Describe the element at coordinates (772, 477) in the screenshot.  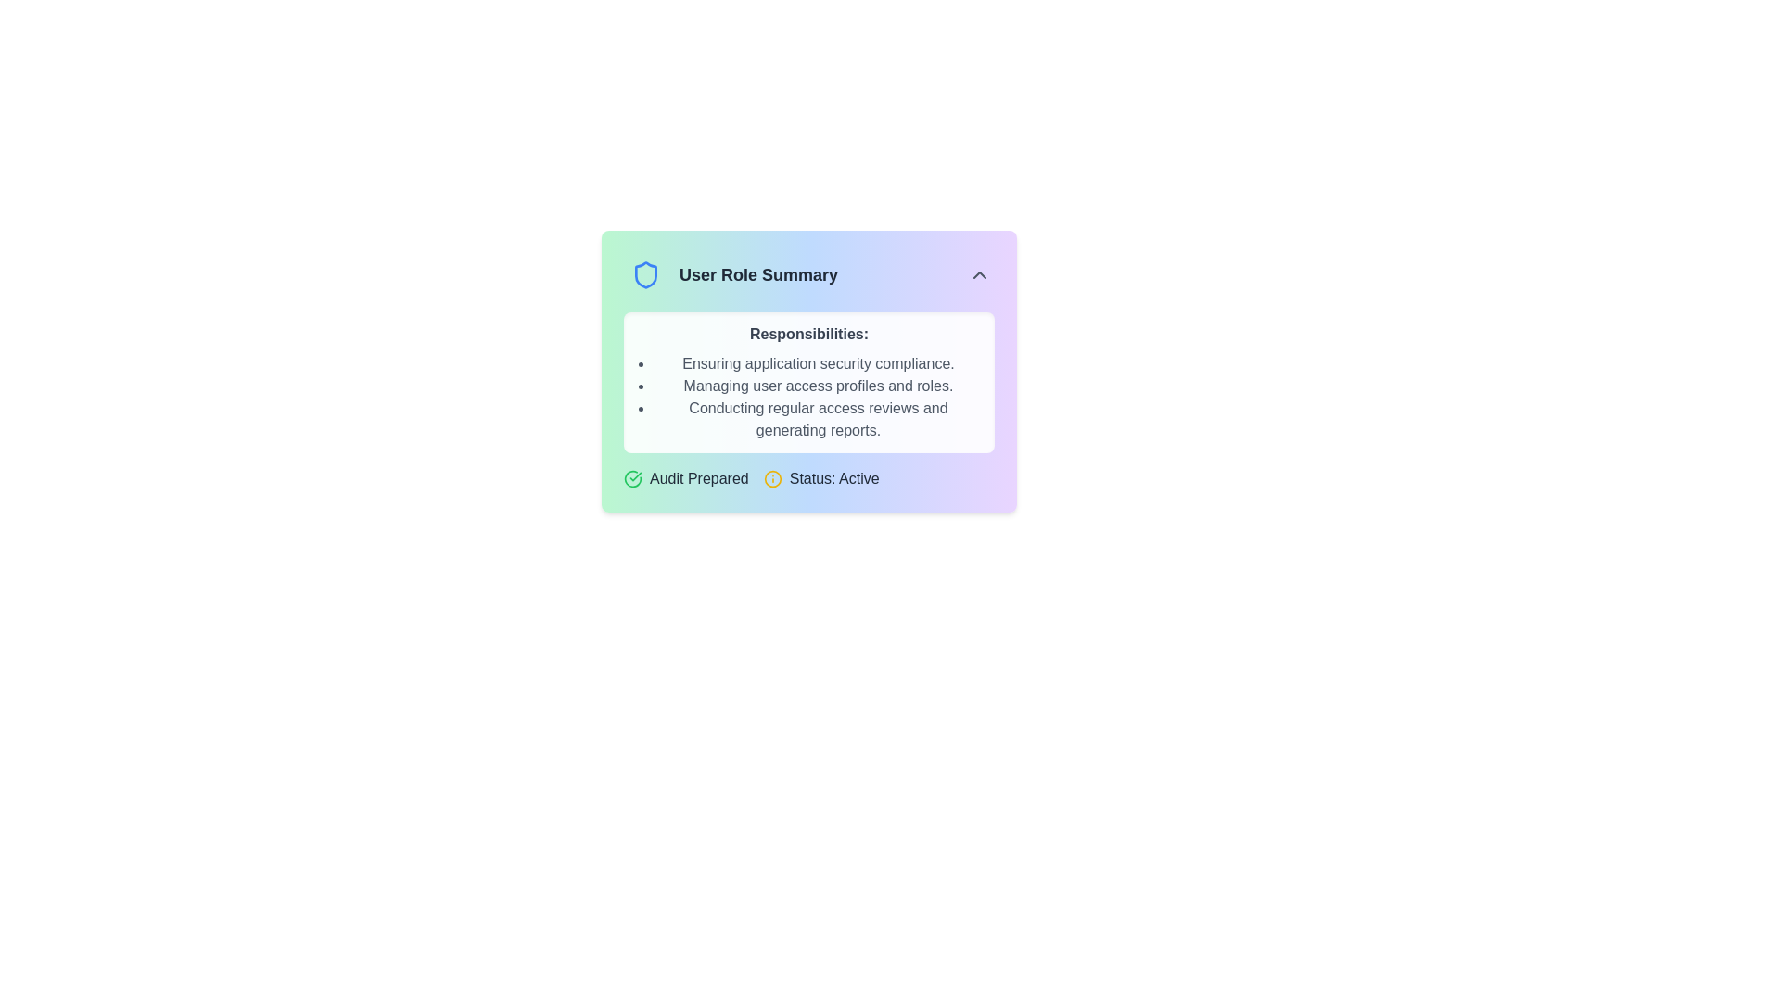
I see `the yellow circular informational alert icon with an exclamation mark located near the 'Status: Active' label` at that location.